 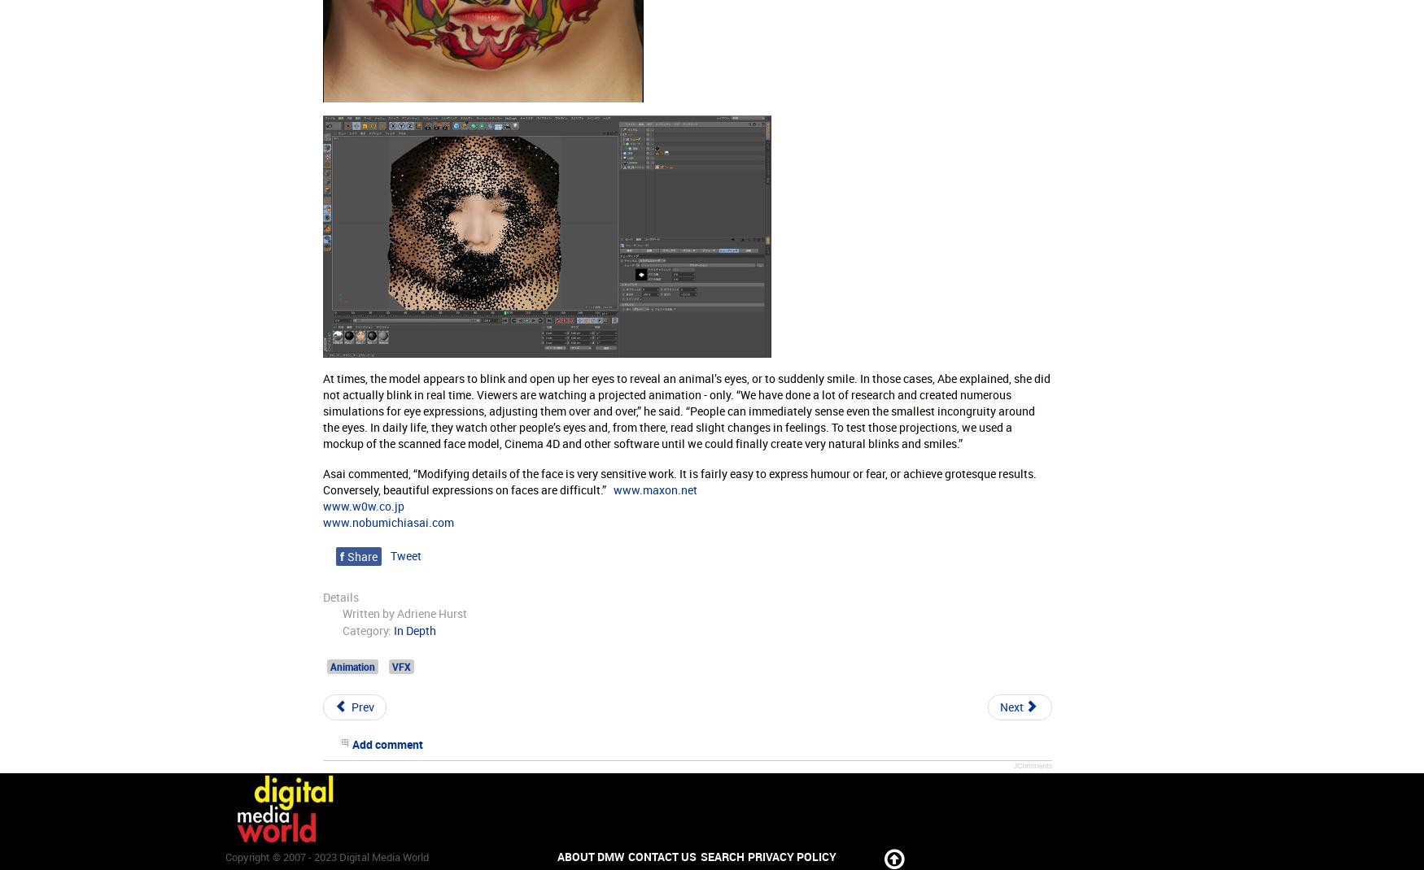 What do you see at coordinates (792, 856) in the screenshot?
I see `'Privacy policy'` at bounding box center [792, 856].